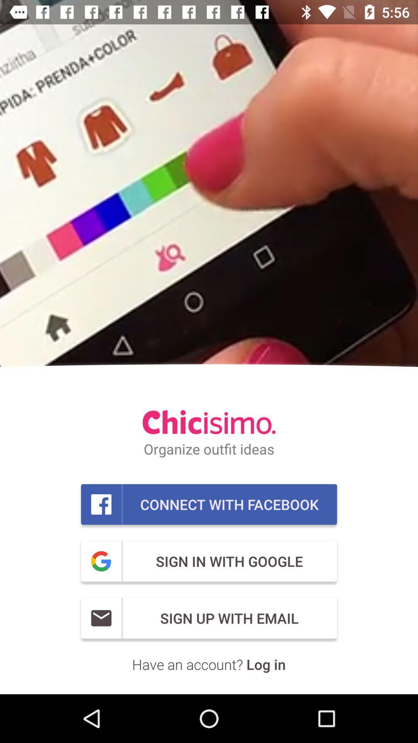 The image size is (418, 743). Describe the element at coordinates (208, 664) in the screenshot. I see `have an account` at that location.